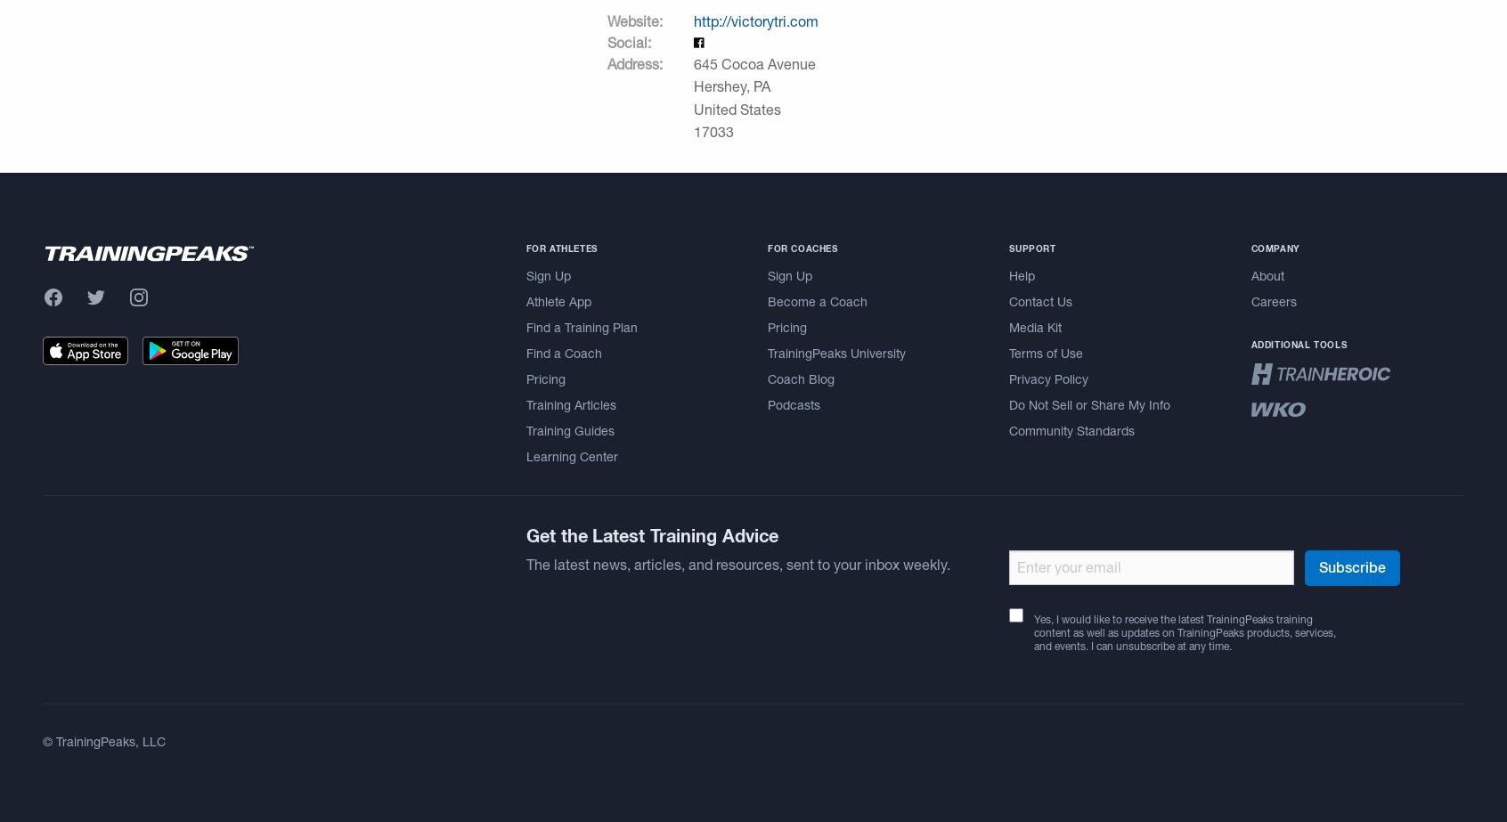  I want to click on 'For Coaches', so click(801, 248).